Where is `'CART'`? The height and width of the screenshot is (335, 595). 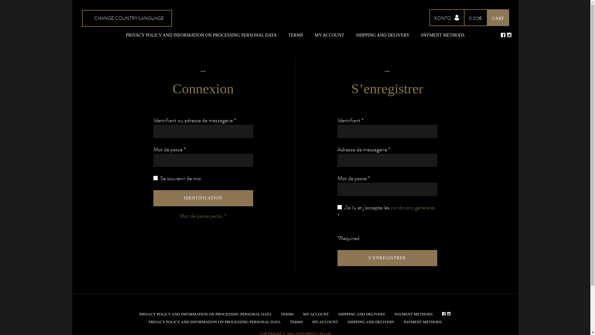 'CART' is located at coordinates (498, 17).